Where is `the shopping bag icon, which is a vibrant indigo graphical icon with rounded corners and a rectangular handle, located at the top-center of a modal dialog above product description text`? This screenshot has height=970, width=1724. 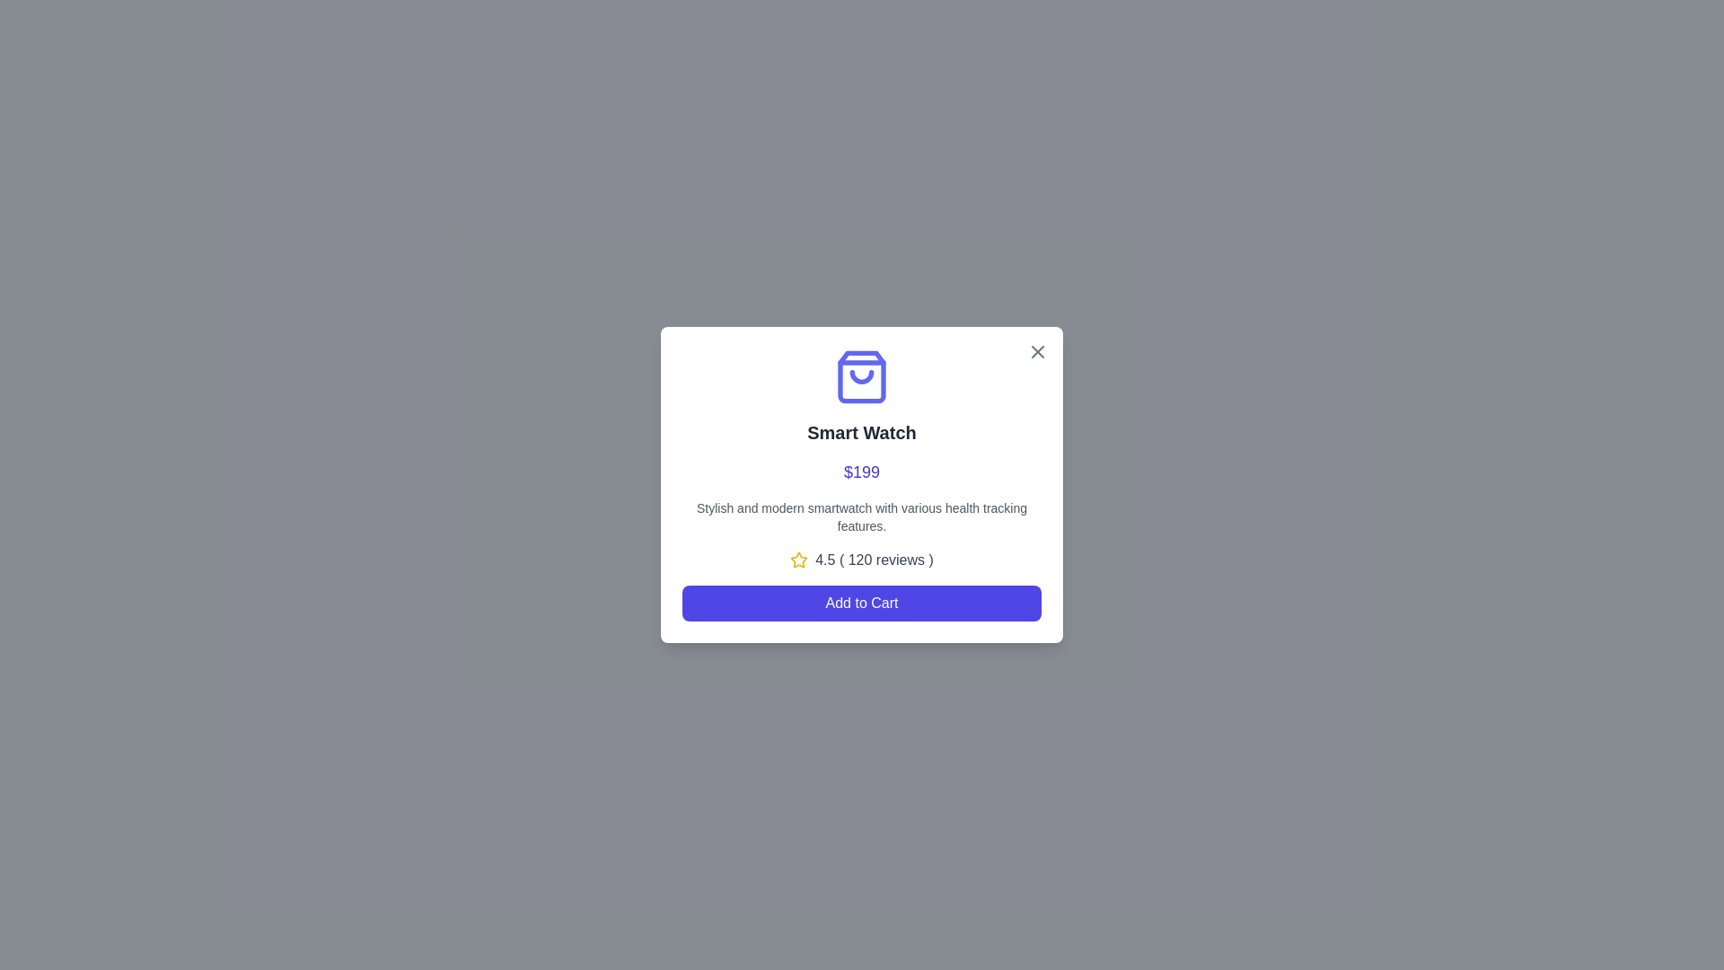
the shopping bag icon, which is a vibrant indigo graphical icon with rounded corners and a rectangular handle, located at the top-center of a modal dialog above product description text is located at coordinates (862, 376).